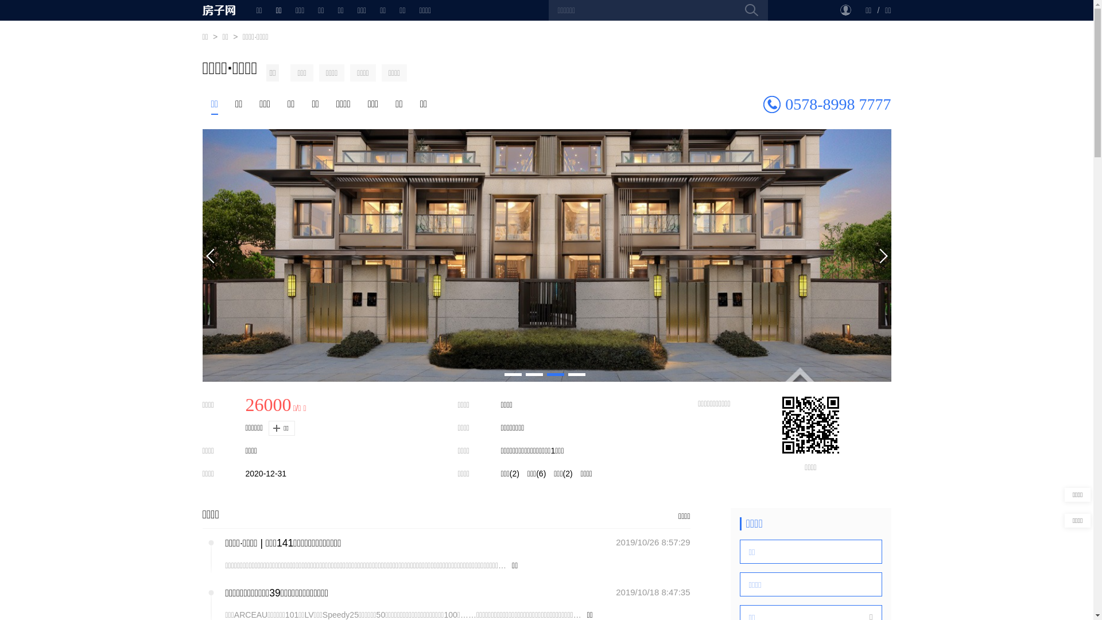  Describe the element at coordinates (872, 254) in the screenshot. I see `'Next'` at that location.